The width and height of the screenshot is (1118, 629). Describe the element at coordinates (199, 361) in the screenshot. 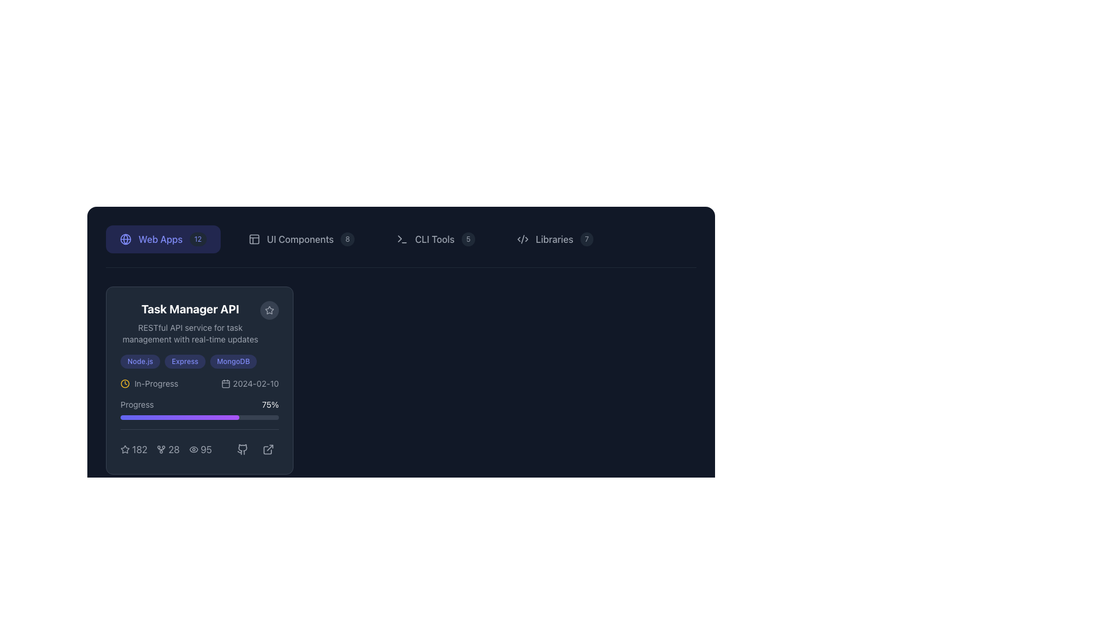

I see `on the horizontal label group containing the labels 'Node.js', 'Express', and 'MongoDB'` at that location.